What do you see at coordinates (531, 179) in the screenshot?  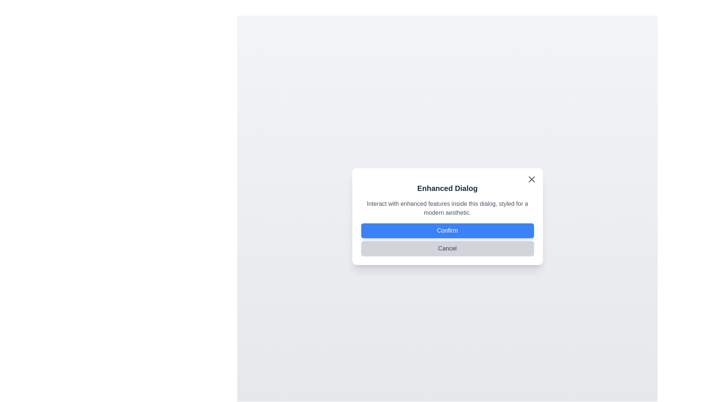 I see `the close button (X) located at the top-right corner of the dialog box` at bounding box center [531, 179].